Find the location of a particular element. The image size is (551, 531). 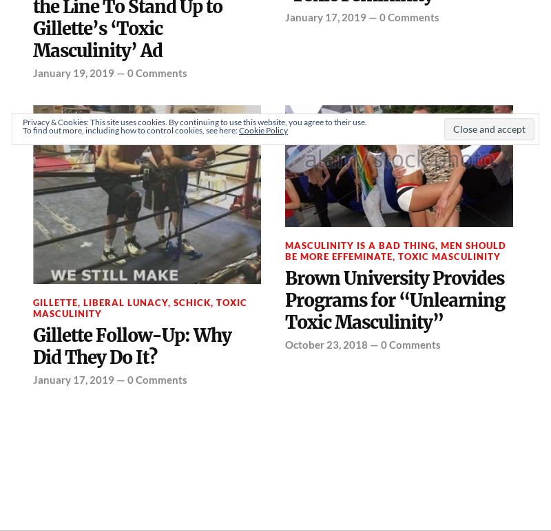

'Privacy & Cookies: This site uses cookies. By continuing to use this website, you agree to their use.' is located at coordinates (195, 121).